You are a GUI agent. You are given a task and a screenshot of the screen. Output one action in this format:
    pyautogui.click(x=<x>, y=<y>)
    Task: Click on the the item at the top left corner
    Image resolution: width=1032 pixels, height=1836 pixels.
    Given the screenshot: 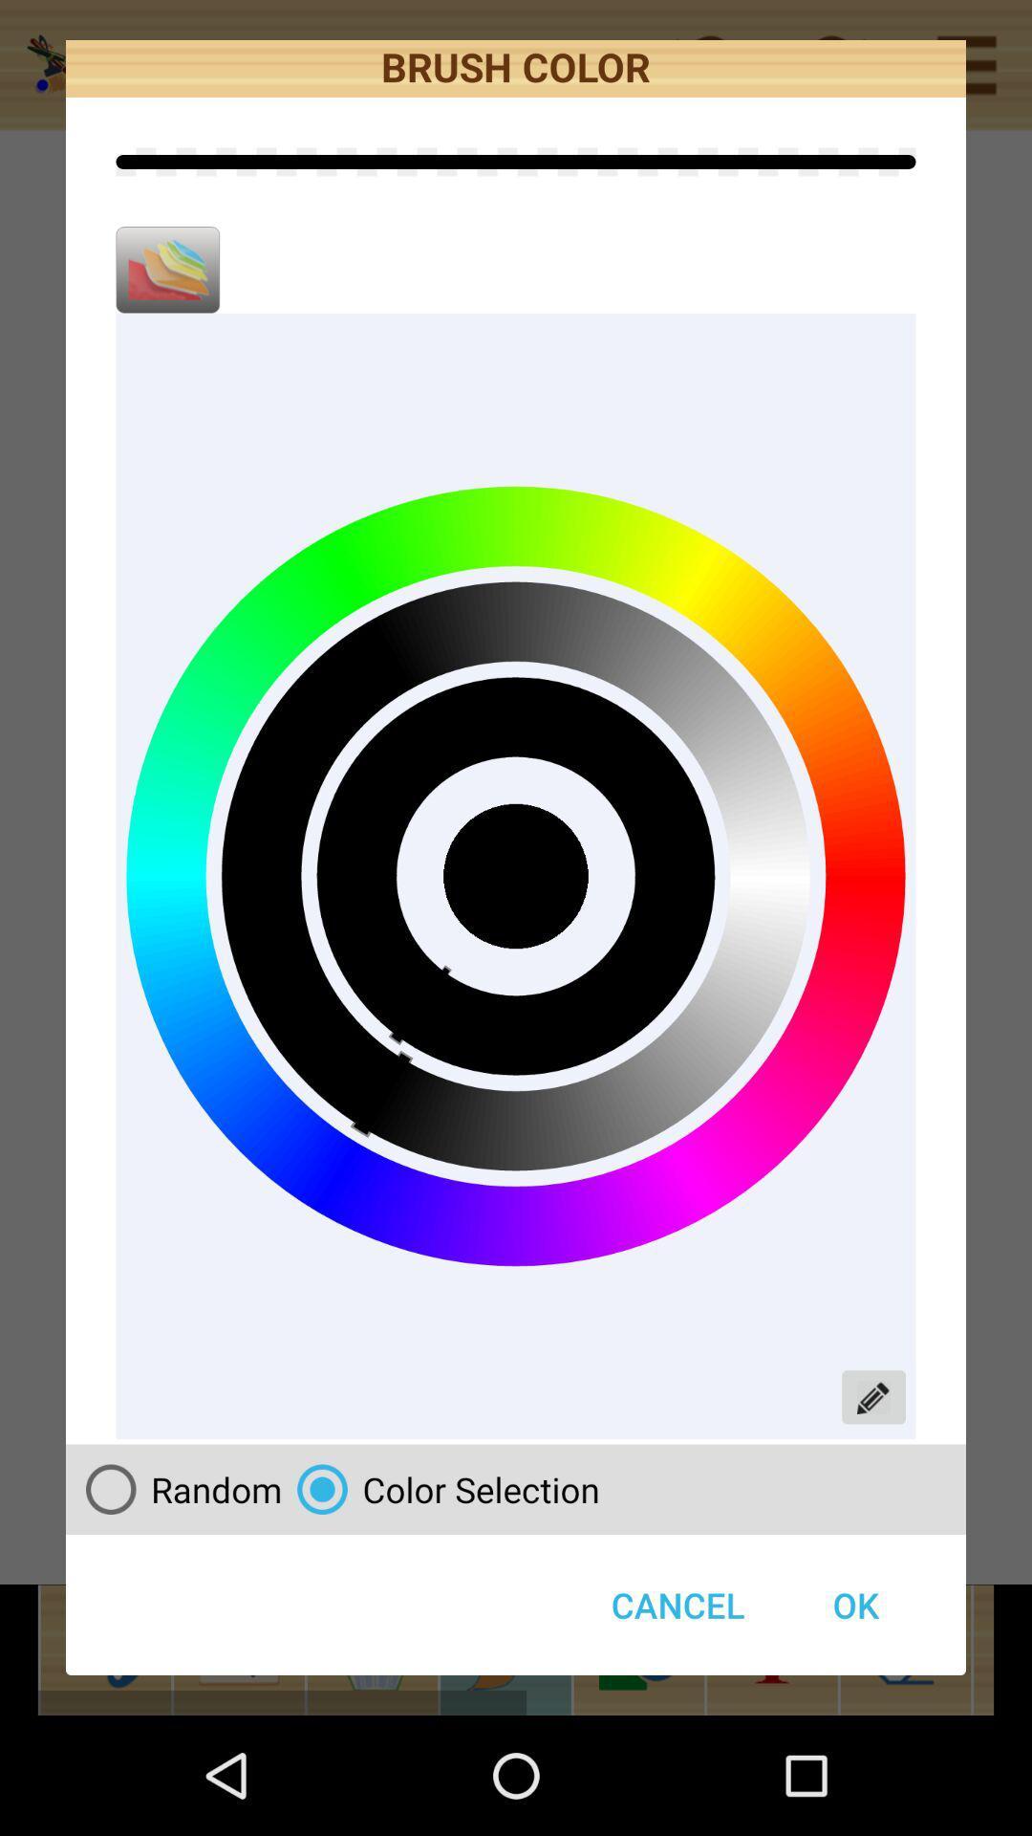 What is the action you would take?
    pyautogui.click(x=166, y=269)
    